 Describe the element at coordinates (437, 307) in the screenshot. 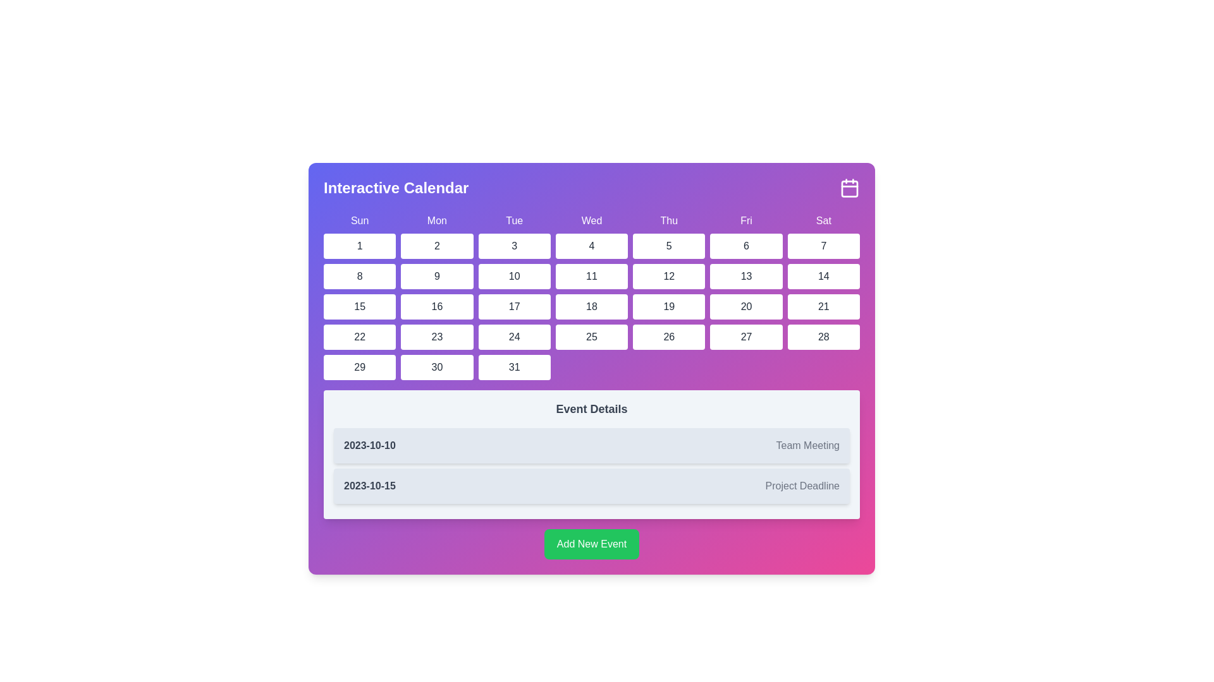

I see `the calendar cell displaying the number '16', which is located in the fourth row and second column of the calendar grid` at that location.